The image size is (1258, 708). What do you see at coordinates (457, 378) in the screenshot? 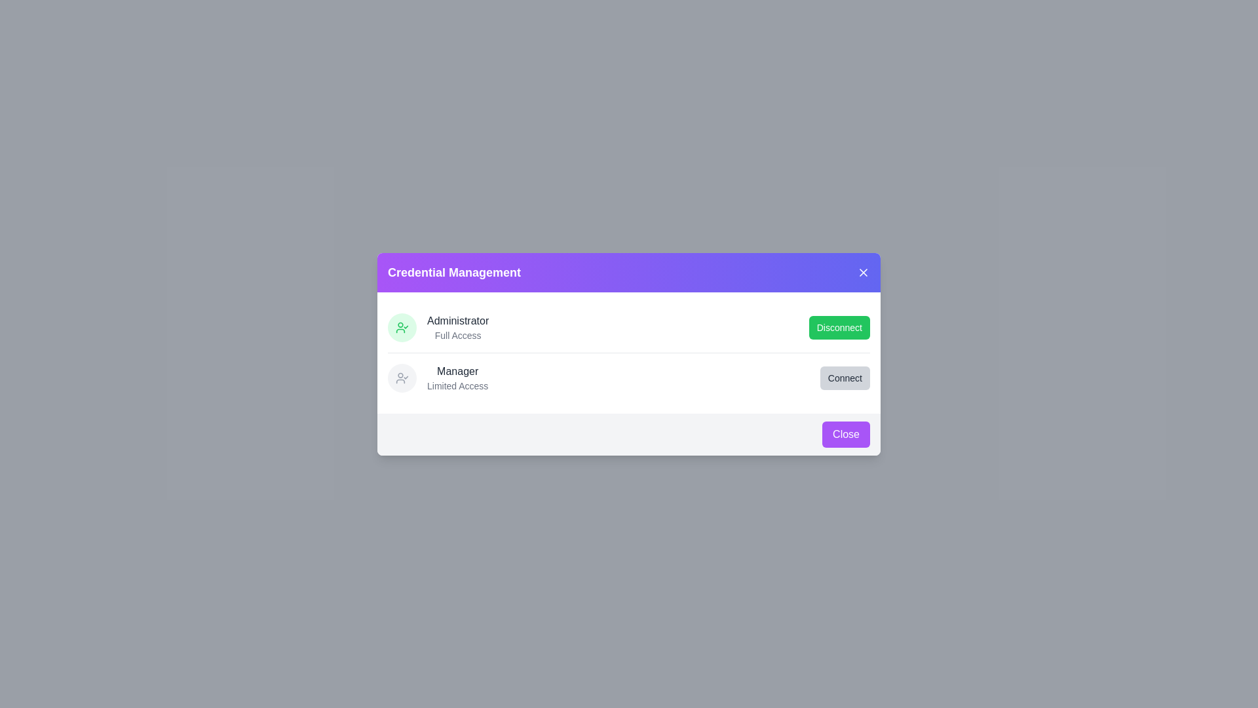
I see `the static text label displaying 'Manager' with 'Limited Access' underneath, located within a modal, to the right of a gray user icon` at bounding box center [457, 378].